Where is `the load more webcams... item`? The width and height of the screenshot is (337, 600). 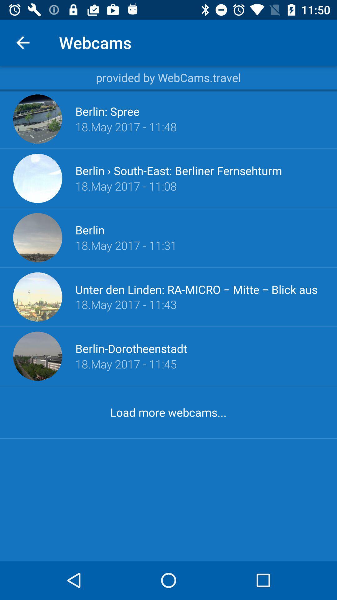 the load more webcams... item is located at coordinates (168, 412).